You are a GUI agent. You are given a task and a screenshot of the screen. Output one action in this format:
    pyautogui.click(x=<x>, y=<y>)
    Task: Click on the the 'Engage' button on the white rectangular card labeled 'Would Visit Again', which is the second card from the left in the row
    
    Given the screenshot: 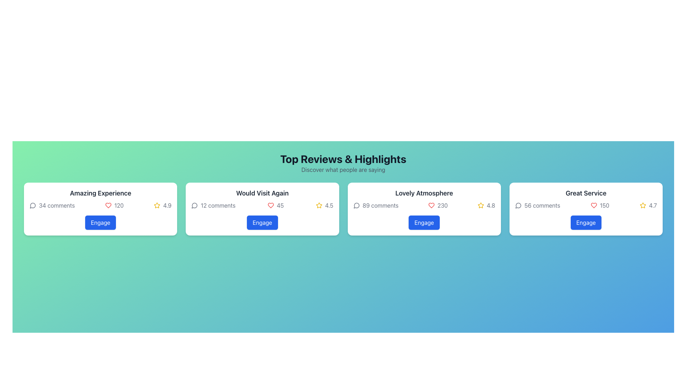 What is the action you would take?
    pyautogui.click(x=262, y=209)
    